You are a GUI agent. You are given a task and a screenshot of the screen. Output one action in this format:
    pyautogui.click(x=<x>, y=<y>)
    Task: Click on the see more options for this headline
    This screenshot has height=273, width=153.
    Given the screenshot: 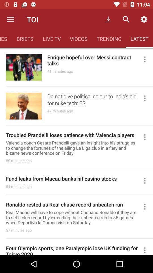 What is the action you would take?
    pyautogui.click(x=147, y=249)
    